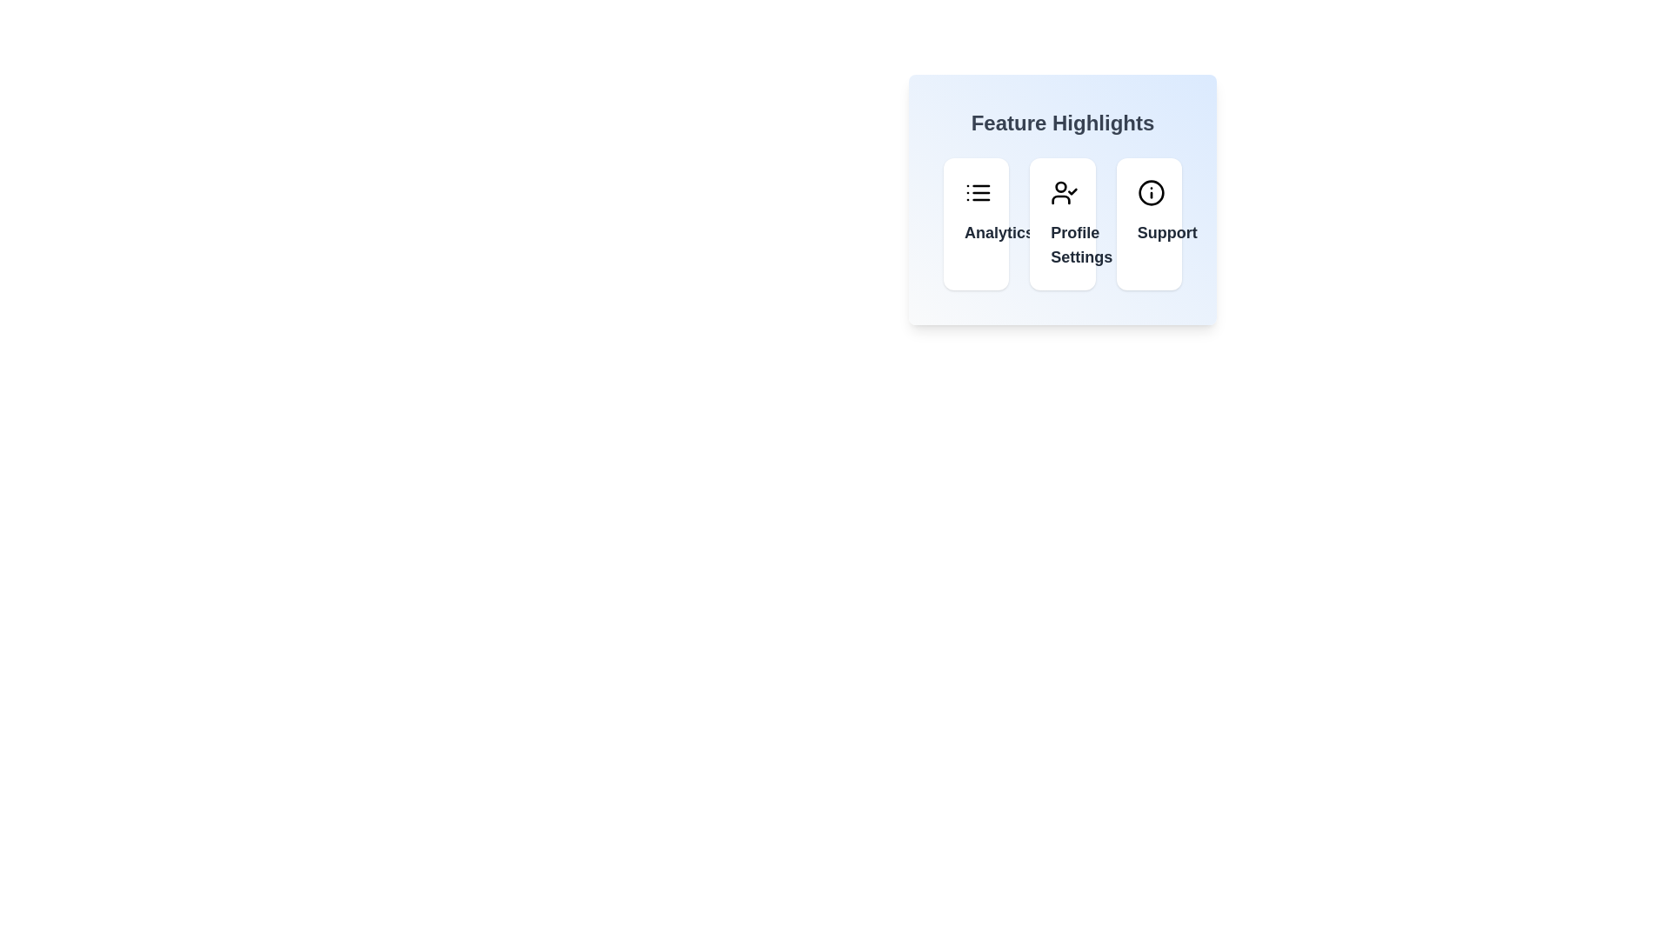 This screenshot has width=1670, height=939. Describe the element at coordinates (1062, 123) in the screenshot. I see `the section header text that titles the content below it, which is centrally positioned above the 'Analytics', 'Profile Settings', and 'Support' content areas` at that location.